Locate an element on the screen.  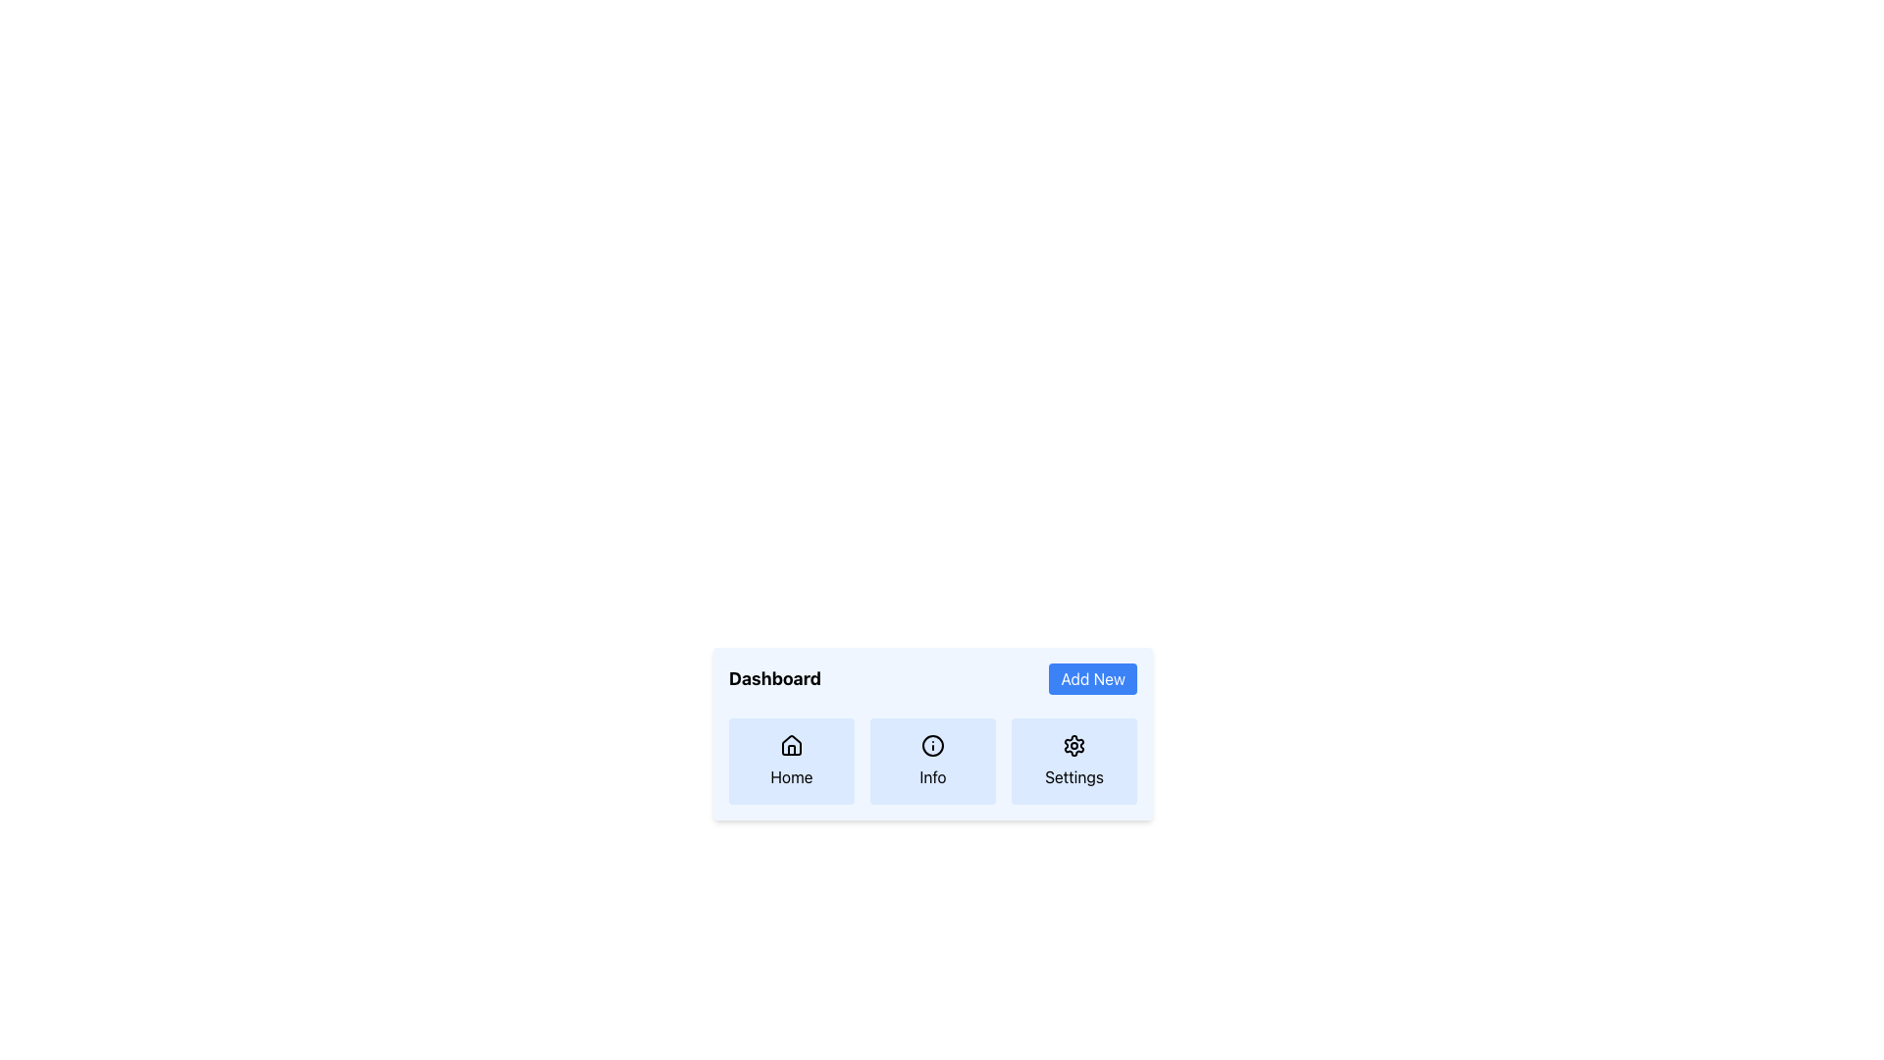
the 'Home' label, which is a textual label in bold or standard font located below a home icon within a blue panel with rounded corners is located at coordinates (791, 775).